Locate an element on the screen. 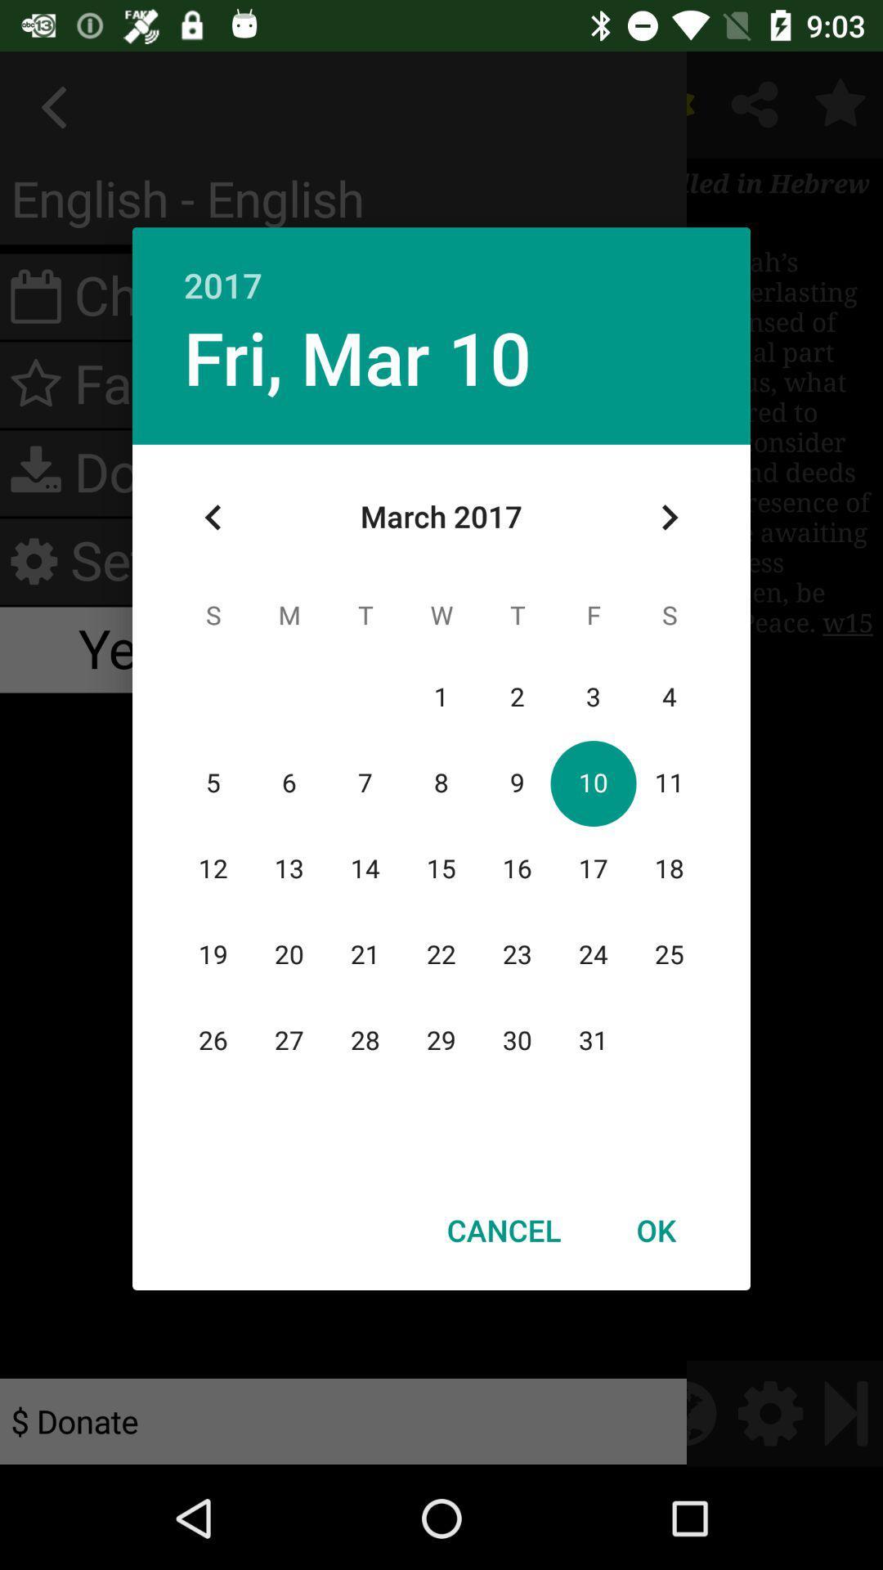 This screenshot has width=883, height=1570. icon at the top right corner is located at coordinates (669, 517).